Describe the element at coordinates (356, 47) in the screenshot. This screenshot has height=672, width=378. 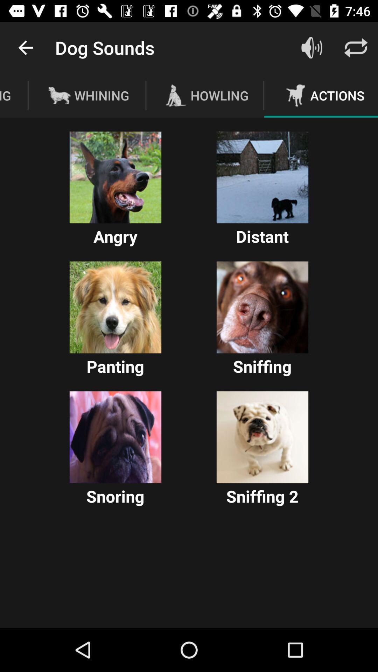
I see `reload` at that location.